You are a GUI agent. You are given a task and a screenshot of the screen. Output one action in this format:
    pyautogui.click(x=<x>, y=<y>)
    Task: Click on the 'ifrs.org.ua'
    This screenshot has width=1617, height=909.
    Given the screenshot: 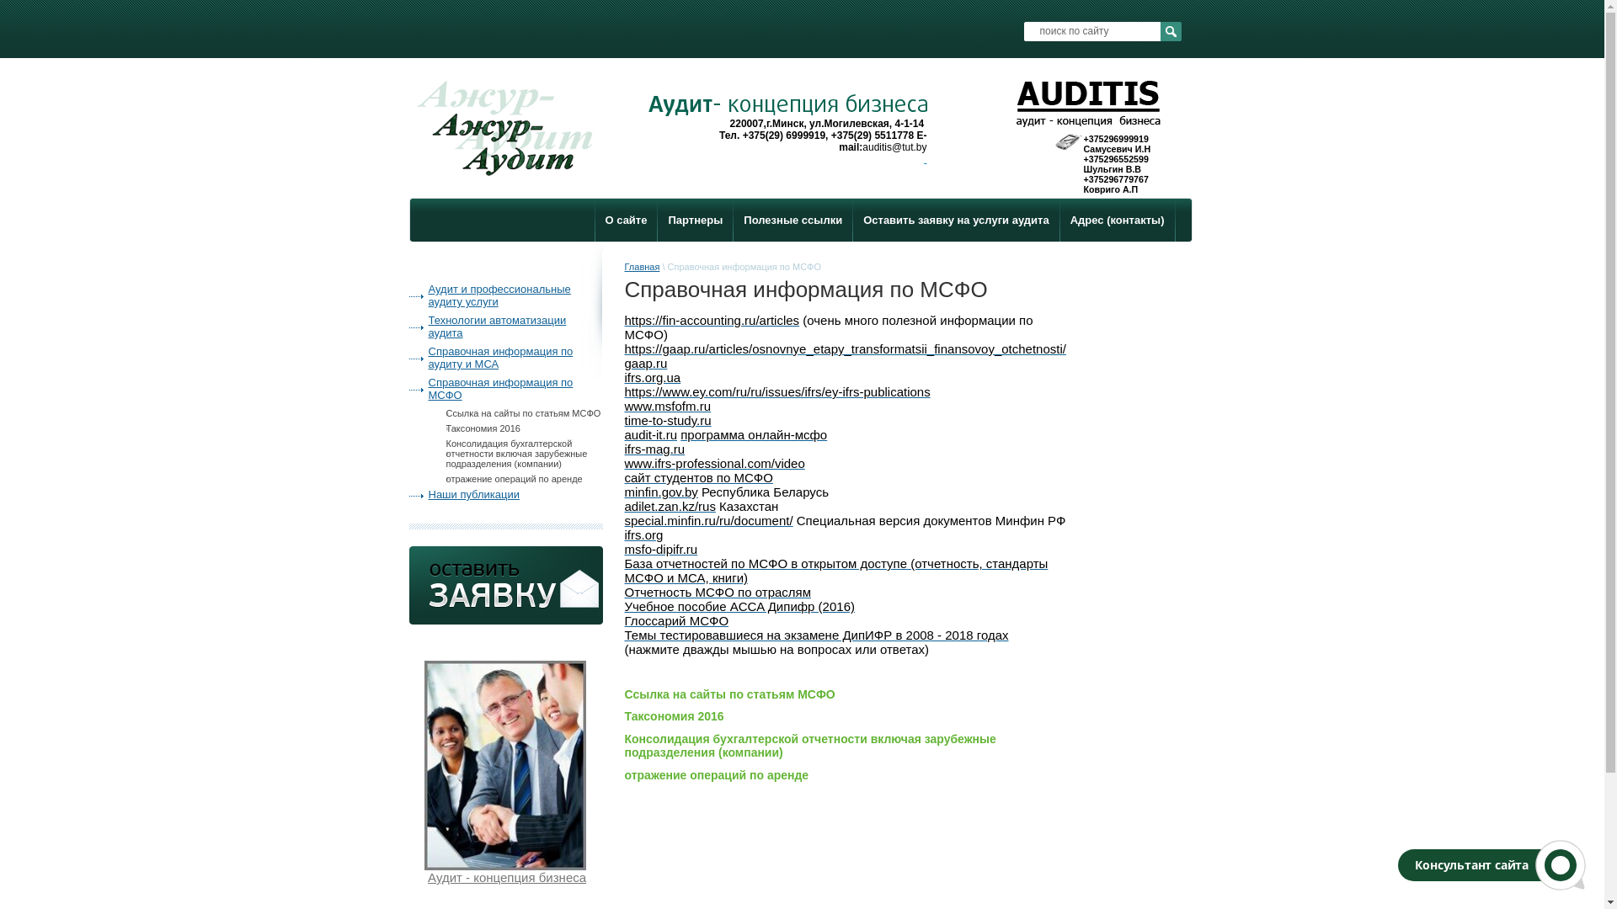 What is the action you would take?
    pyautogui.click(x=652, y=376)
    